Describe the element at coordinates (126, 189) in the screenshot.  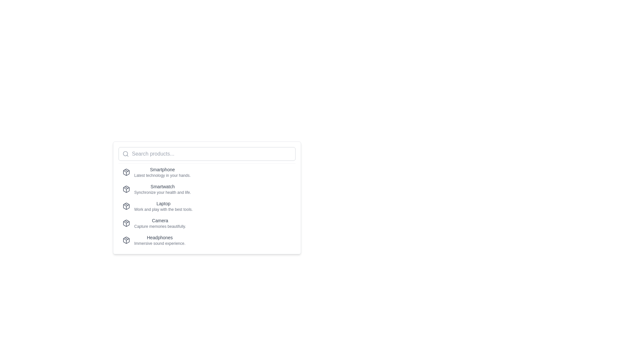
I see `the appearance of the SVG icon that represents the category of the second list item labeled 'Smartwatch', located to the left of it` at that location.